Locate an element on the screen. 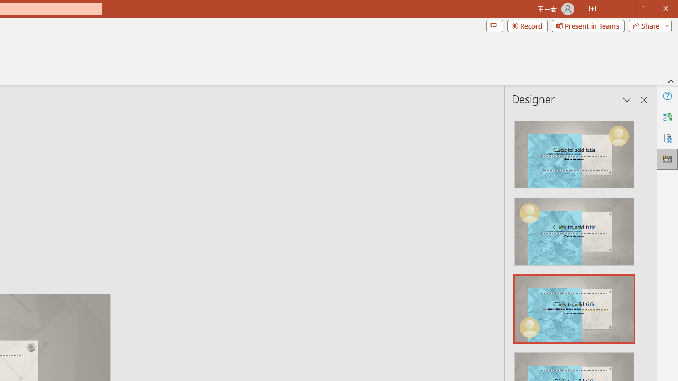 The image size is (678, 381). 'Share' is located at coordinates (647, 25).